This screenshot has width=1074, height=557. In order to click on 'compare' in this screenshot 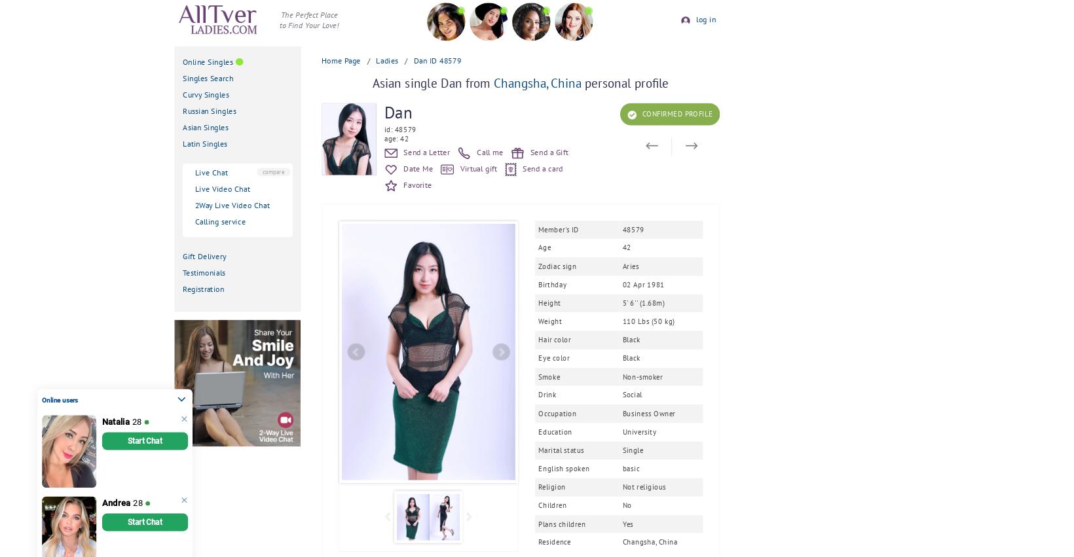, I will do `click(273, 170)`.